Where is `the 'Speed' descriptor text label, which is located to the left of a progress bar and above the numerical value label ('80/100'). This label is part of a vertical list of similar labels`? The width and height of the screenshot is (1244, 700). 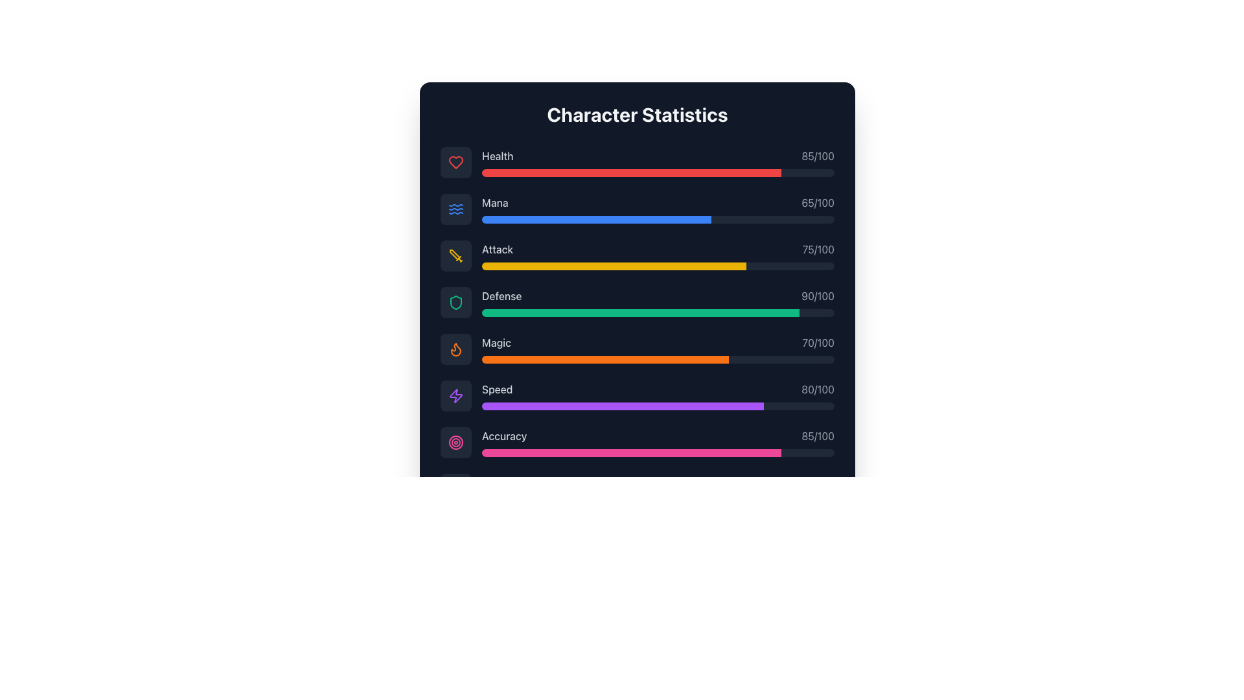 the 'Speed' descriptor text label, which is located to the left of a progress bar and above the numerical value label ('80/100'). This label is part of a vertical list of similar labels is located at coordinates (496, 389).